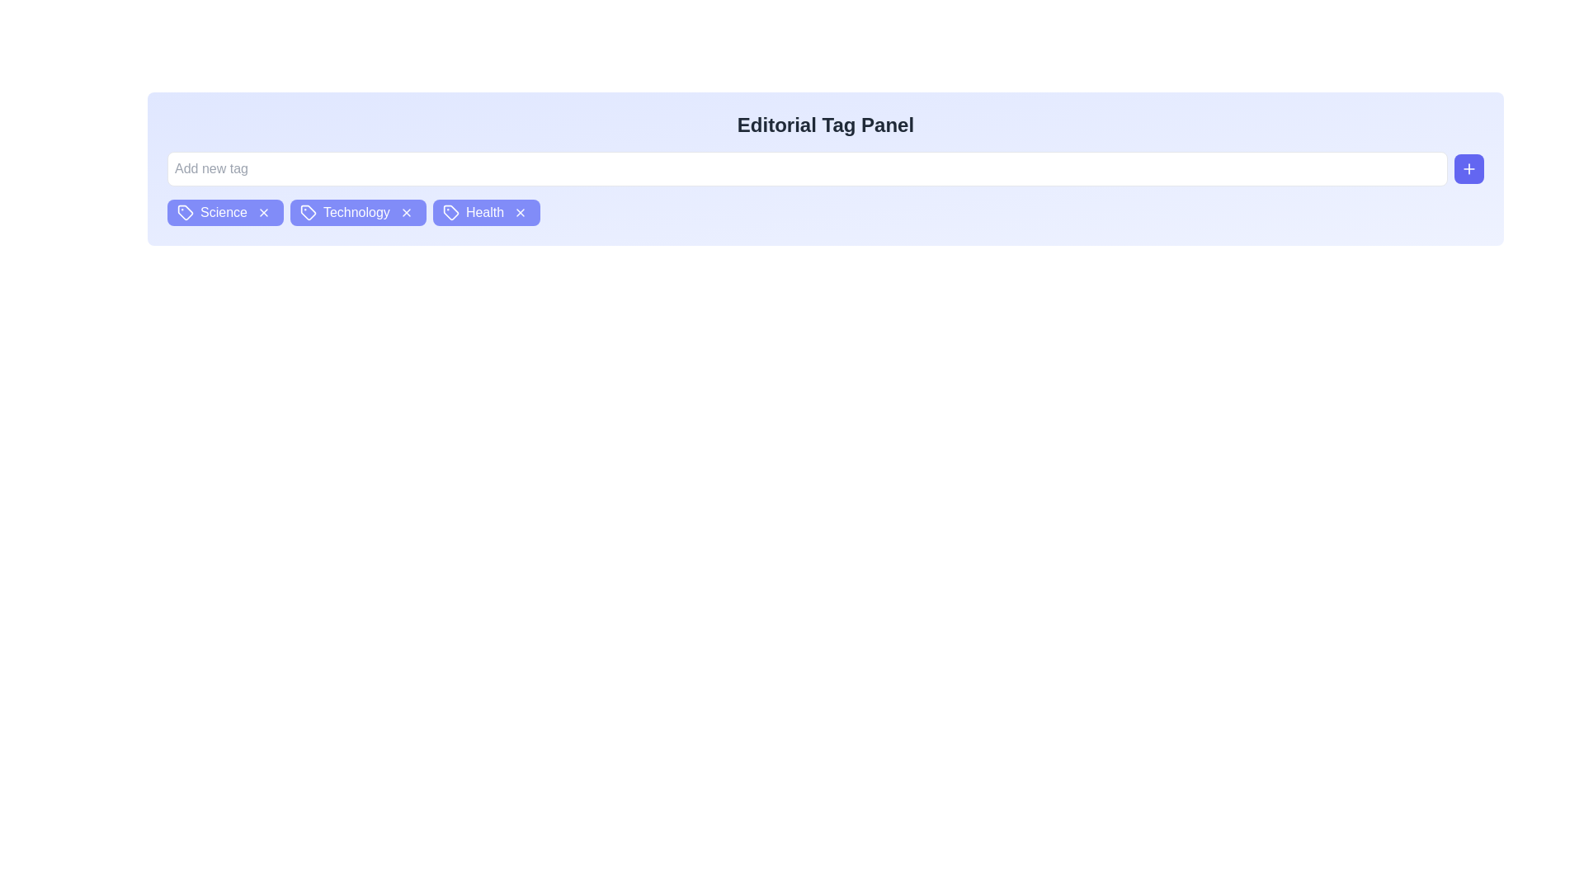 This screenshot has height=891, width=1584. I want to click on the icon, so click(1468, 168).